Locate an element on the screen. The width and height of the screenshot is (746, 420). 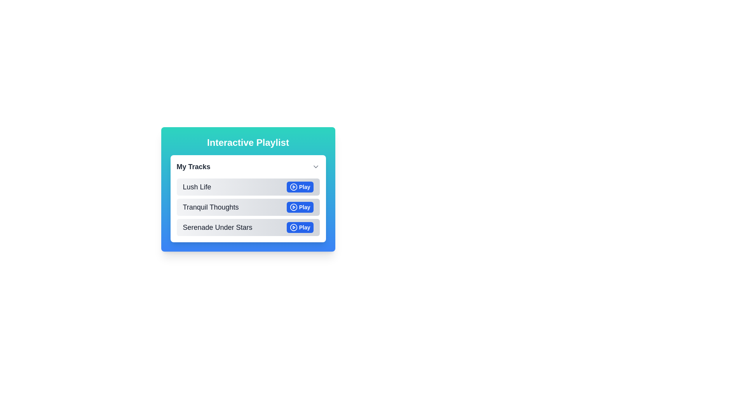
the decorative circular outline of the interactive play icon located in the rightmost 'Play' button of the 'Tranquil Thoughts' track is located at coordinates (293, 206).